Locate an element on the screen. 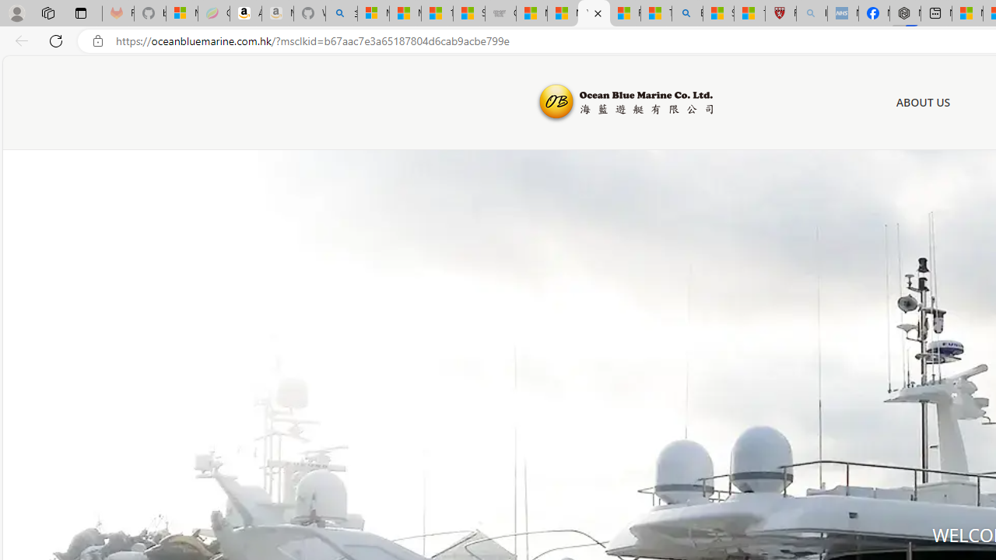 This screenshot has width=996, height=560. 'Robert H. Shmerling, MD - Harvard Health' is located at coordinates (780, 13).